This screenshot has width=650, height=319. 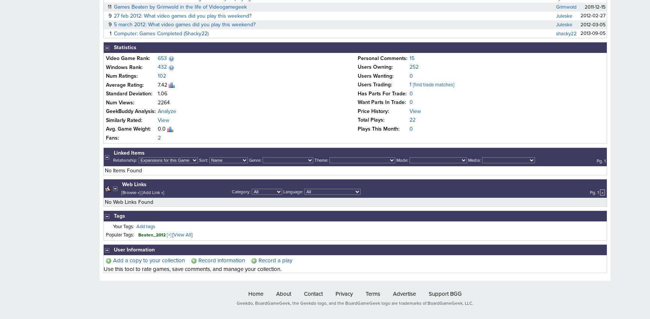 I want to click on ']
												[', so click(x=139, y=192).